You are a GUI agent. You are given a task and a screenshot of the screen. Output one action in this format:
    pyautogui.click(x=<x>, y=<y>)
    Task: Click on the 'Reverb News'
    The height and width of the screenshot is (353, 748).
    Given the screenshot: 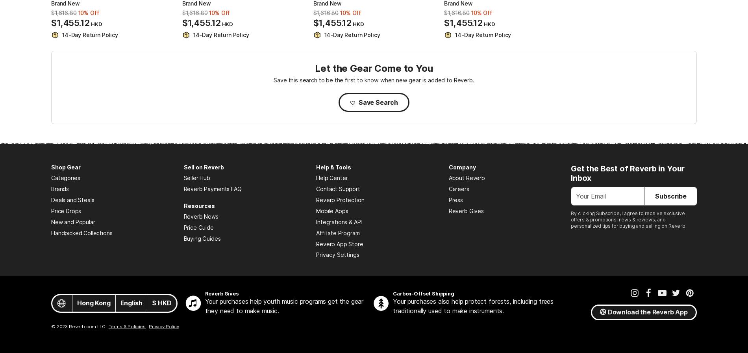 What is the action you would take?
    pyautogui.click(x=200, y=216)
    